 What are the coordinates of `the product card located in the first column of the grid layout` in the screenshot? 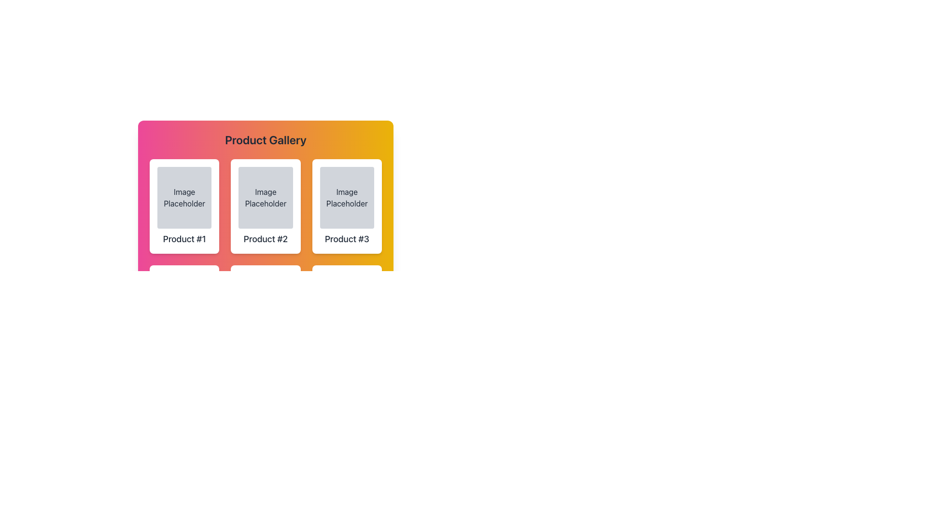 It's located at (184, 206).